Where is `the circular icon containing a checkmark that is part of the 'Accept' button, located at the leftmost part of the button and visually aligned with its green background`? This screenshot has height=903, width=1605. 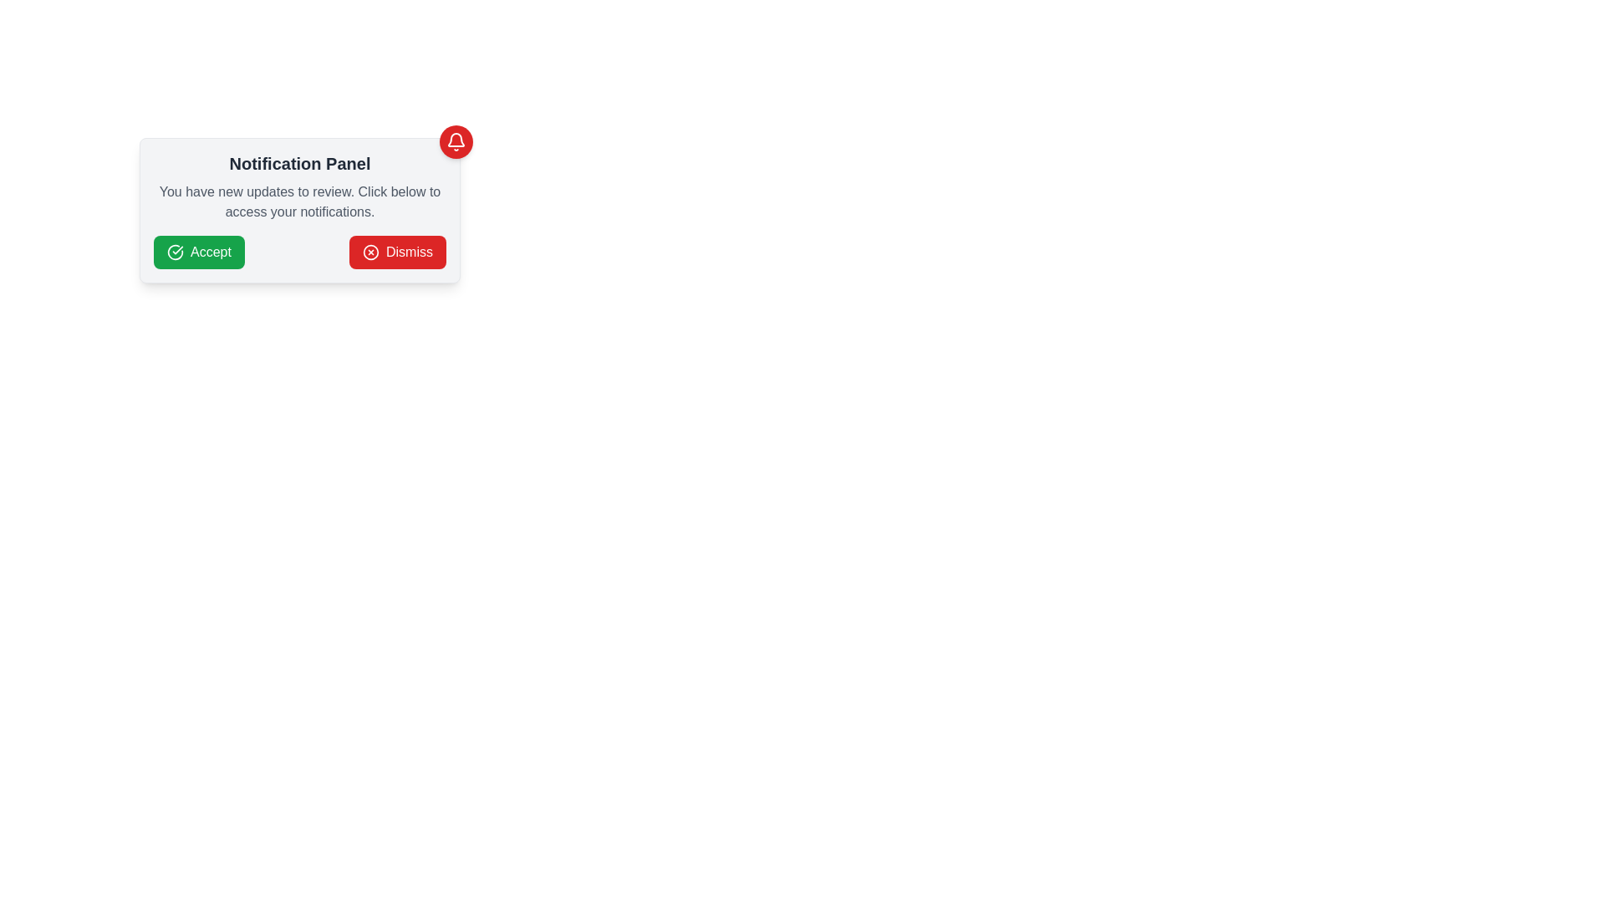 the circular icon containing a checkmark that is part of the 'Accept' button, located at the leftmost part of the button and visually aligned with its green background is located at coordinates (176, 252).